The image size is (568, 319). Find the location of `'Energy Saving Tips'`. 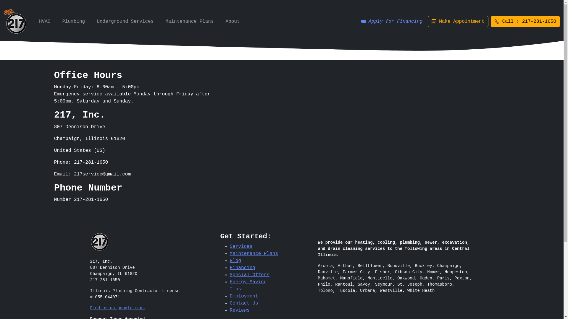

'Energy Saving Tips' is located at coordinates (248, 285).